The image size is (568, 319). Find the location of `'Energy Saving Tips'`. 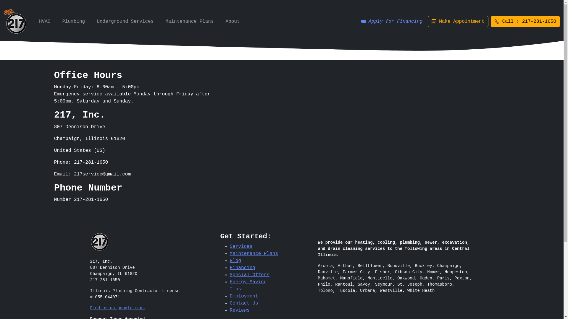

'Energy Saving Tips' is located at coordinates (248, 285).